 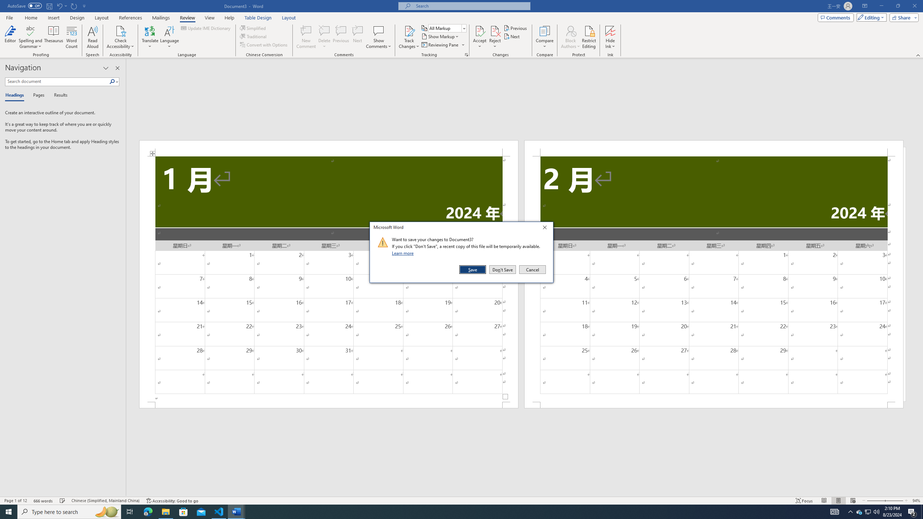 I want to click on 'Spelling and Grammar', so click(x=31, y=37).